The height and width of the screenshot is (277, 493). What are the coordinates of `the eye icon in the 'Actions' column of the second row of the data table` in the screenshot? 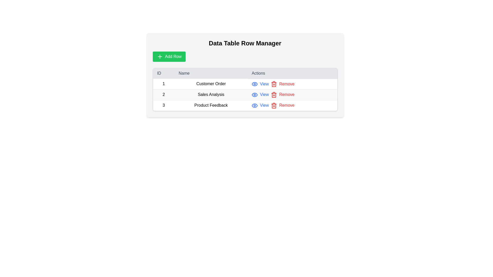 It's located at (255, 95).